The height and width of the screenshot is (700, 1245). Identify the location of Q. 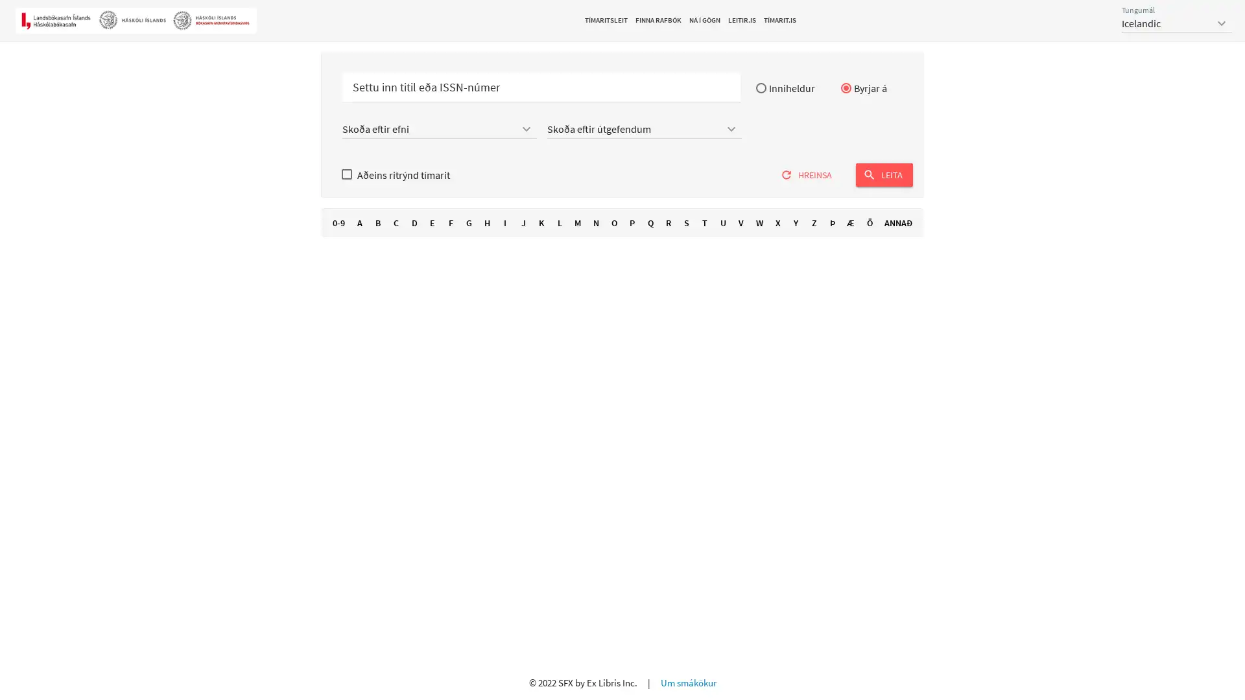
(650, 222).